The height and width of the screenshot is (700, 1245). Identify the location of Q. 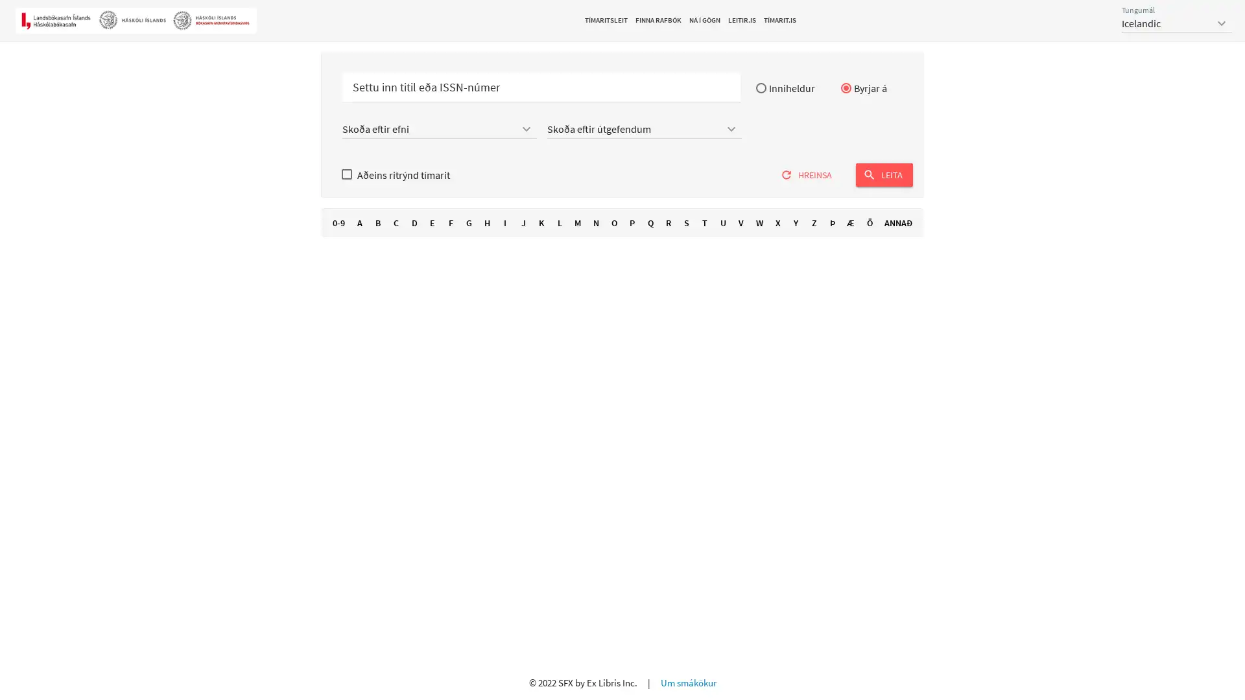
(650, 222).